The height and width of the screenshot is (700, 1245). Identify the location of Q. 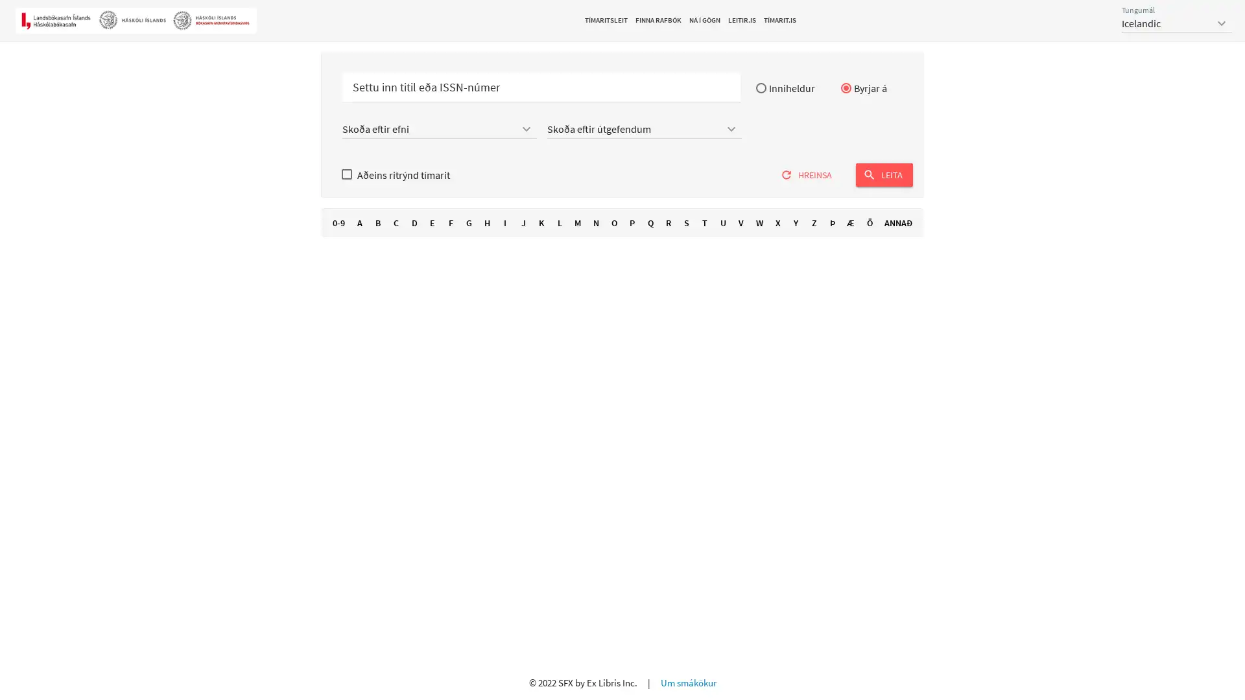
(650, 222).